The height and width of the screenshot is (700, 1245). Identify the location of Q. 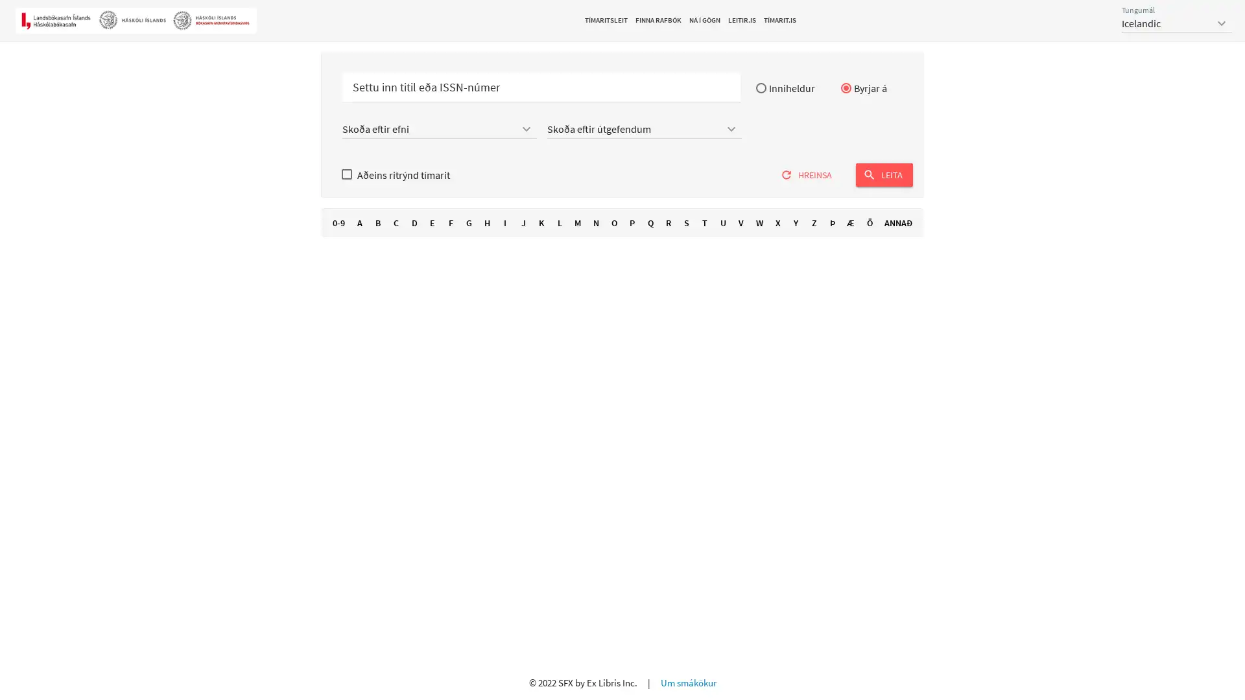
(650, 222).